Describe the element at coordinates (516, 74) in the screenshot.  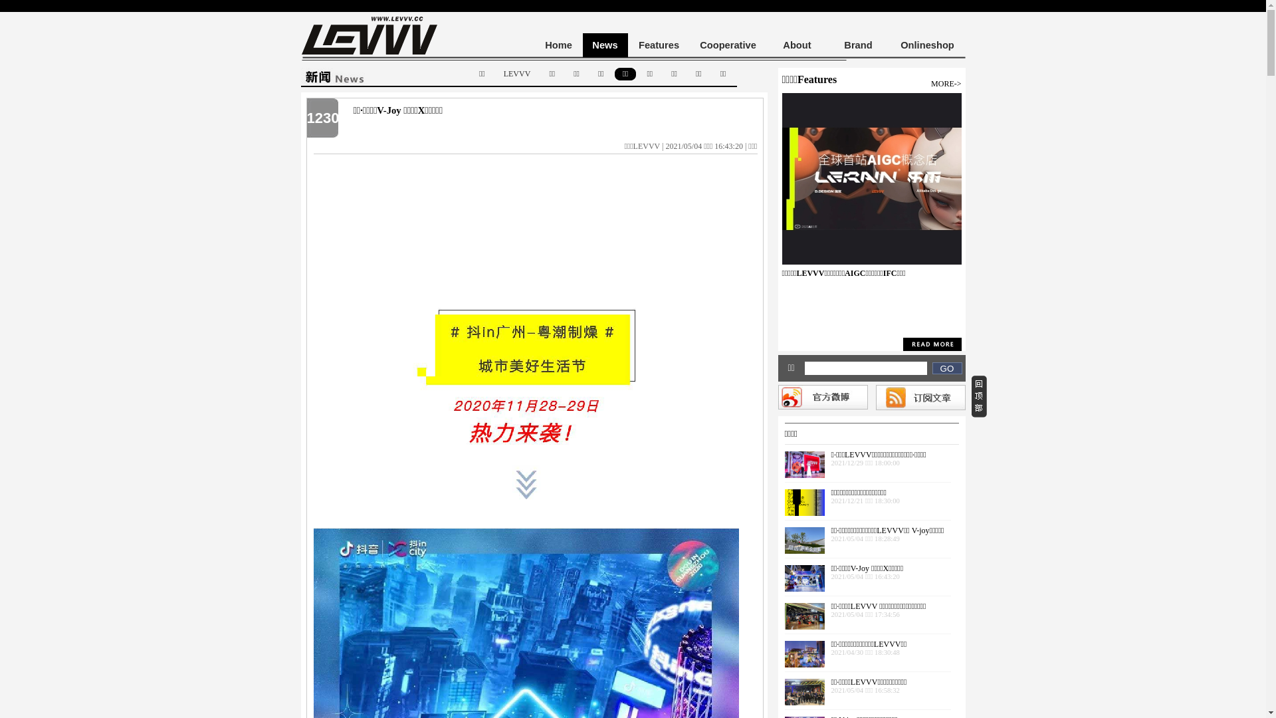
I see `'LEVVV'` at that location.